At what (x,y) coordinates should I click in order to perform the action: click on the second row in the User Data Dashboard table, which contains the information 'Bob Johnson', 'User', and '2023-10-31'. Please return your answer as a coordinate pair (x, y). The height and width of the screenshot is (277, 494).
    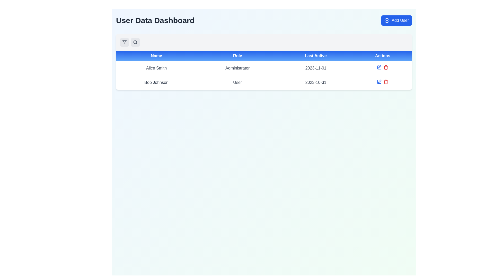
    Looking at the image, I should click on (264, 82).